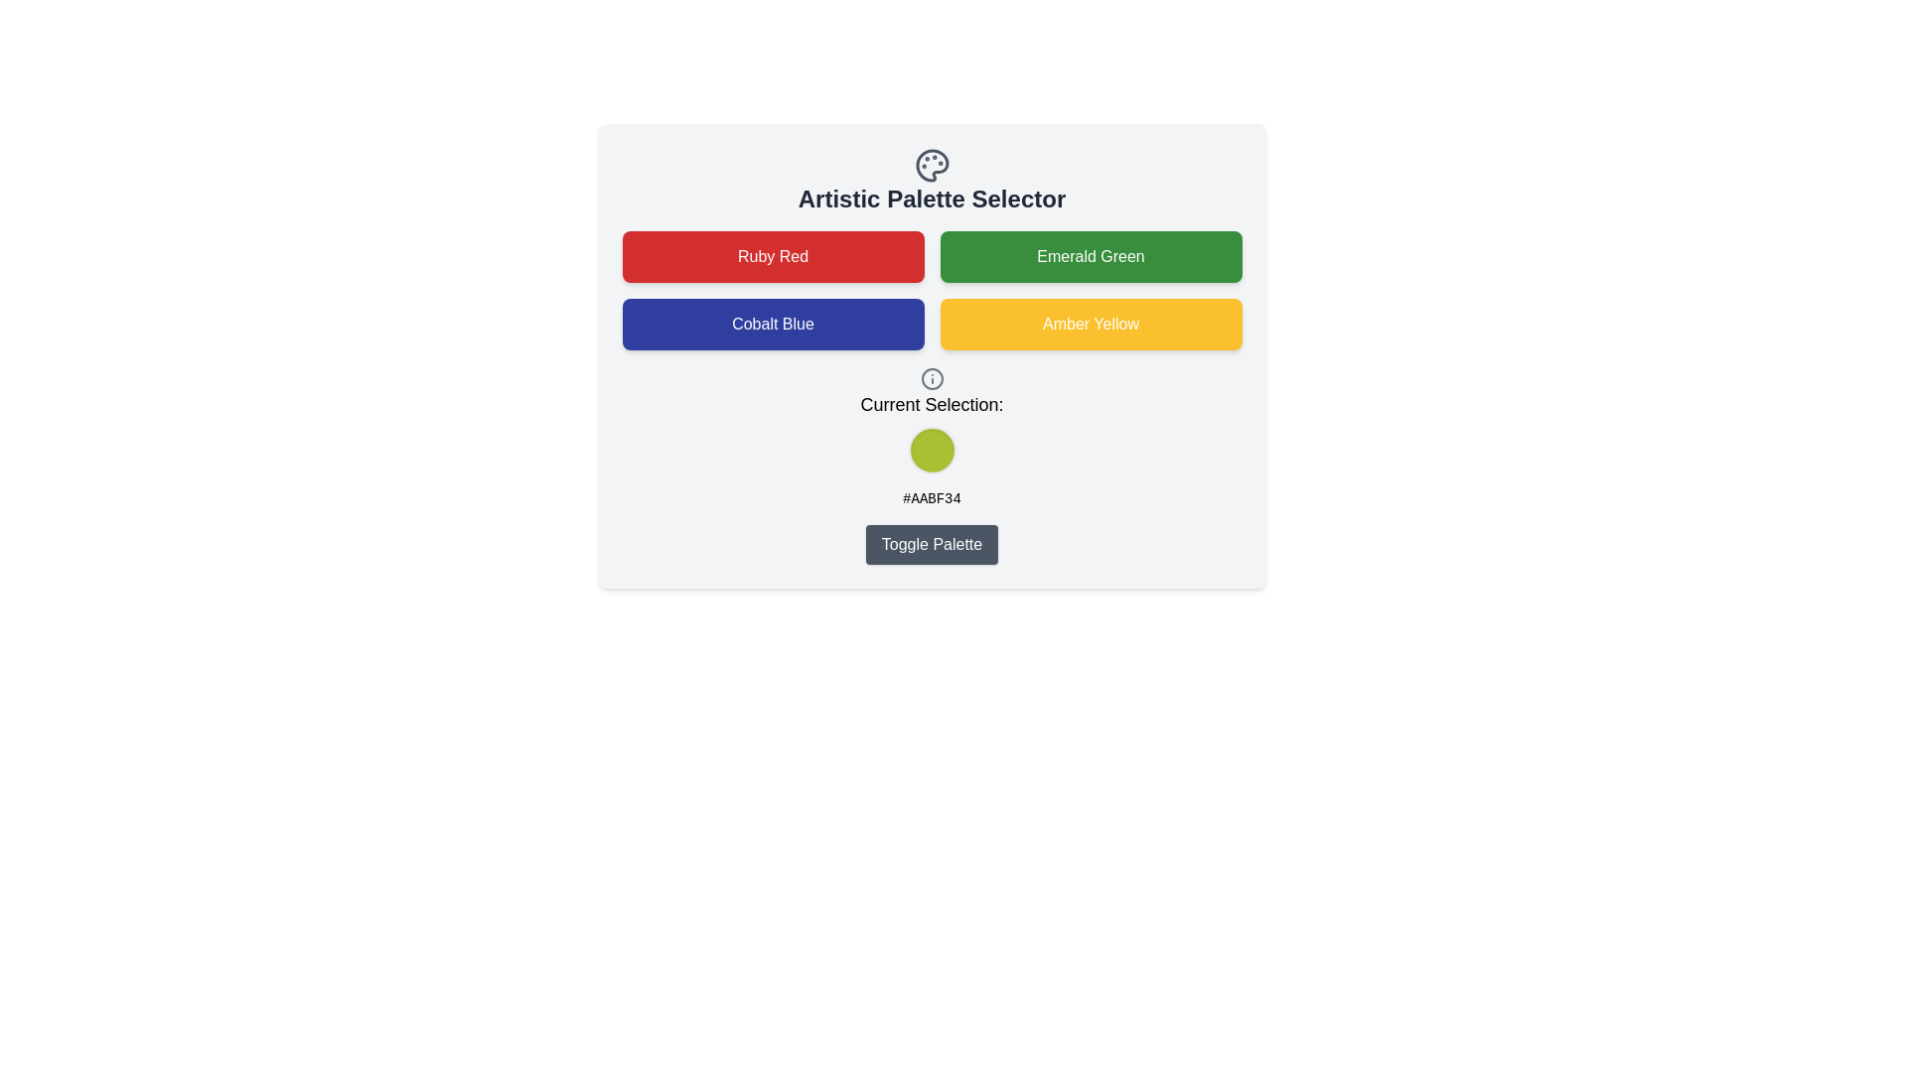 Image resolution: width=1907 pixels, height=1072 pixels. What do you see at coordinates (772, 324) in the screenshot?
I see `the 'Cobalt Blue' button, which is a rectangular button with rounded corners, cobalt blue background, and white text, located in the second row, first column of a grid of buttons` at bounding box center [772, 324].